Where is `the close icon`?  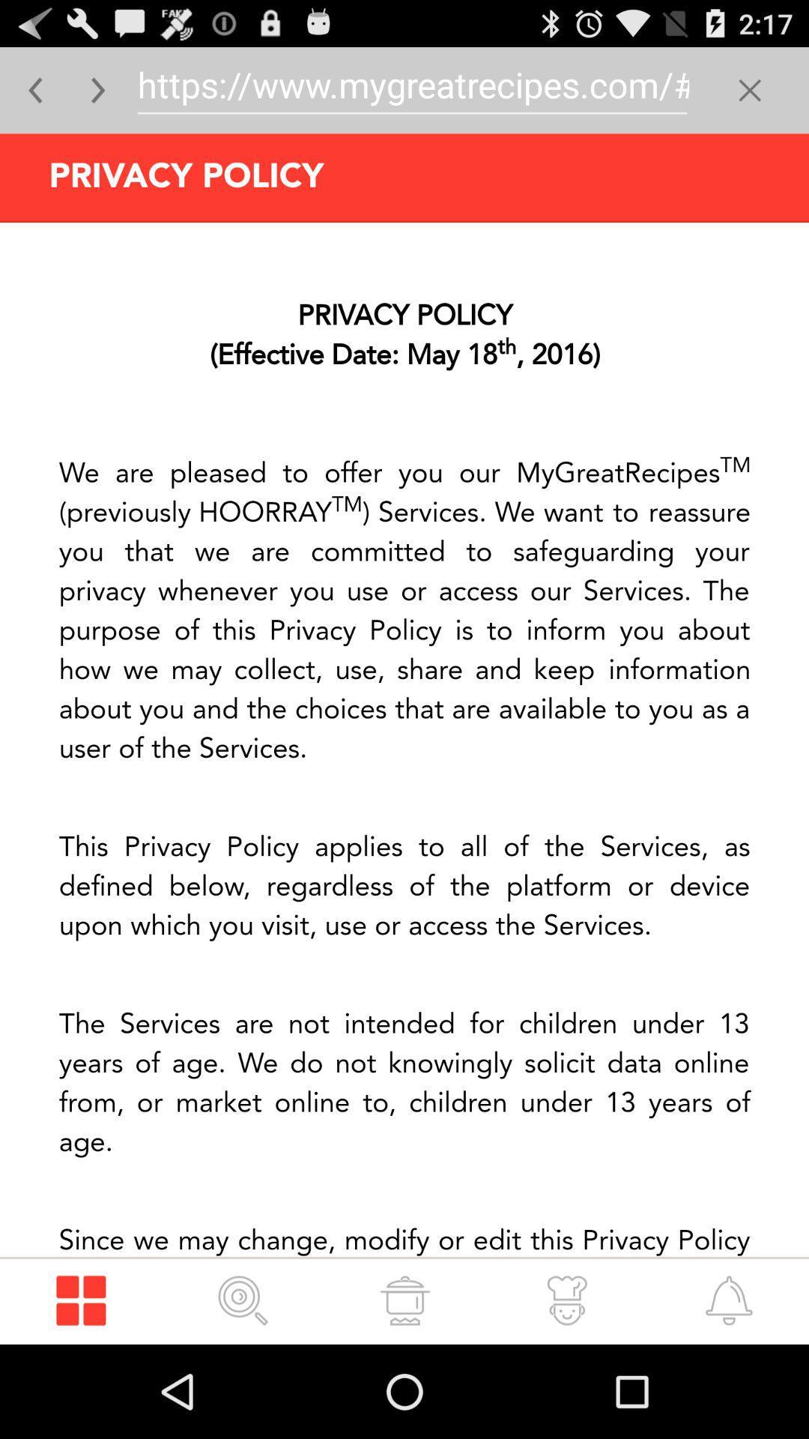
the close icon is located at coordinates (750, 96).